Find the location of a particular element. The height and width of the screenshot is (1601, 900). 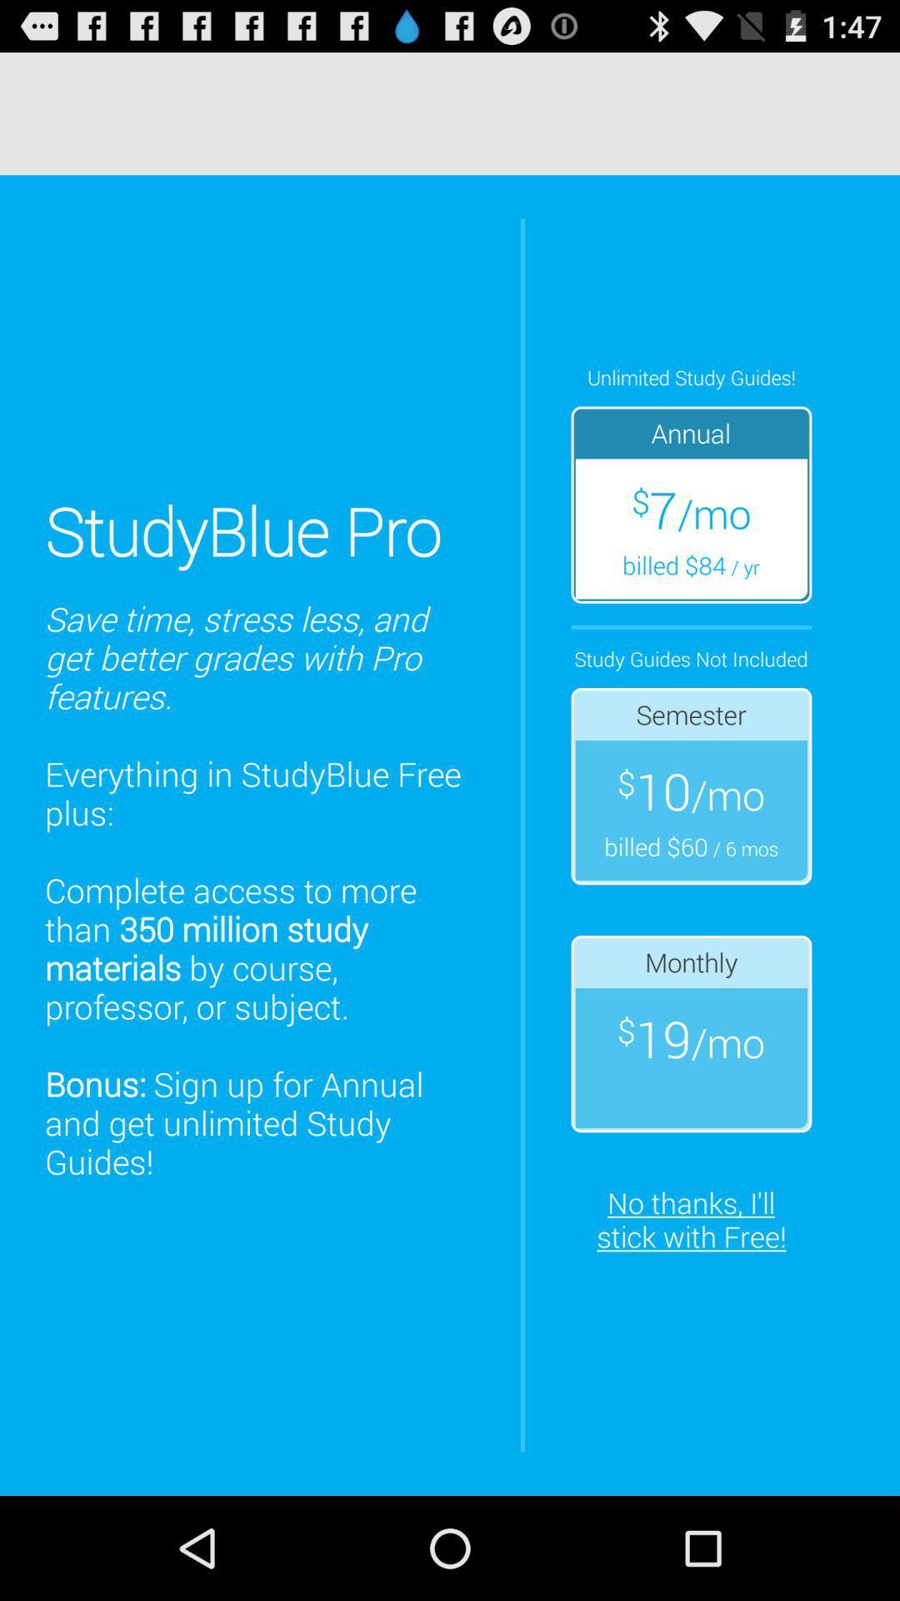

no thanks i at the bottom right corner is located at coordinates (691, 1219).